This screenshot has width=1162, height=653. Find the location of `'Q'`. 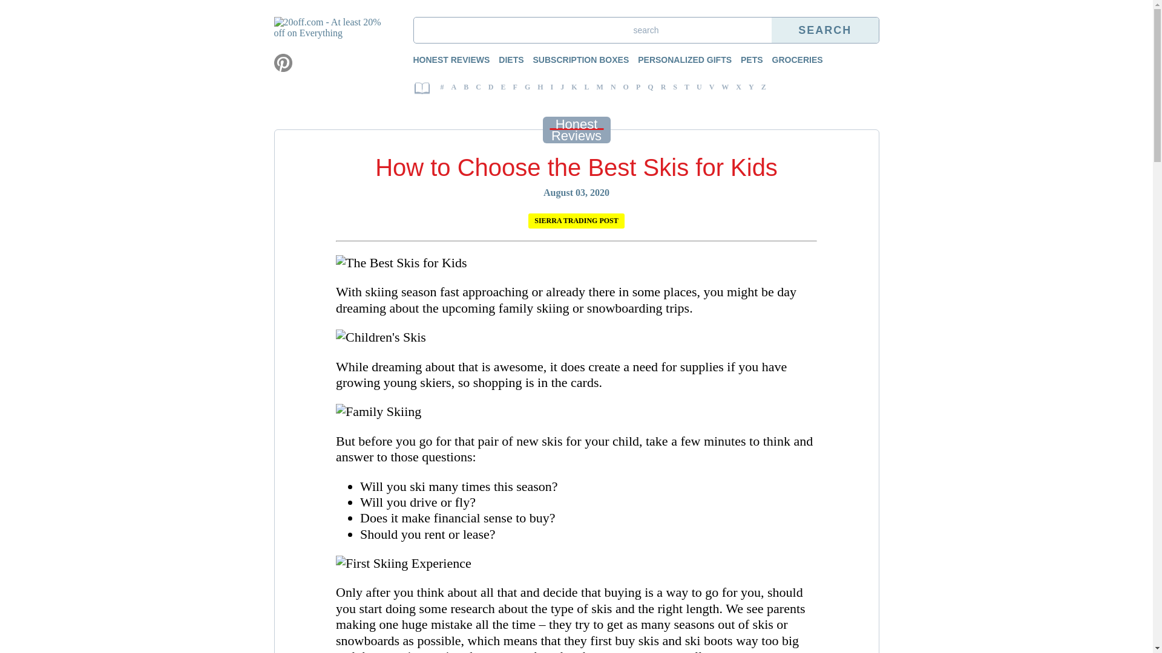

'Q' is located at coordinates (649, 86).